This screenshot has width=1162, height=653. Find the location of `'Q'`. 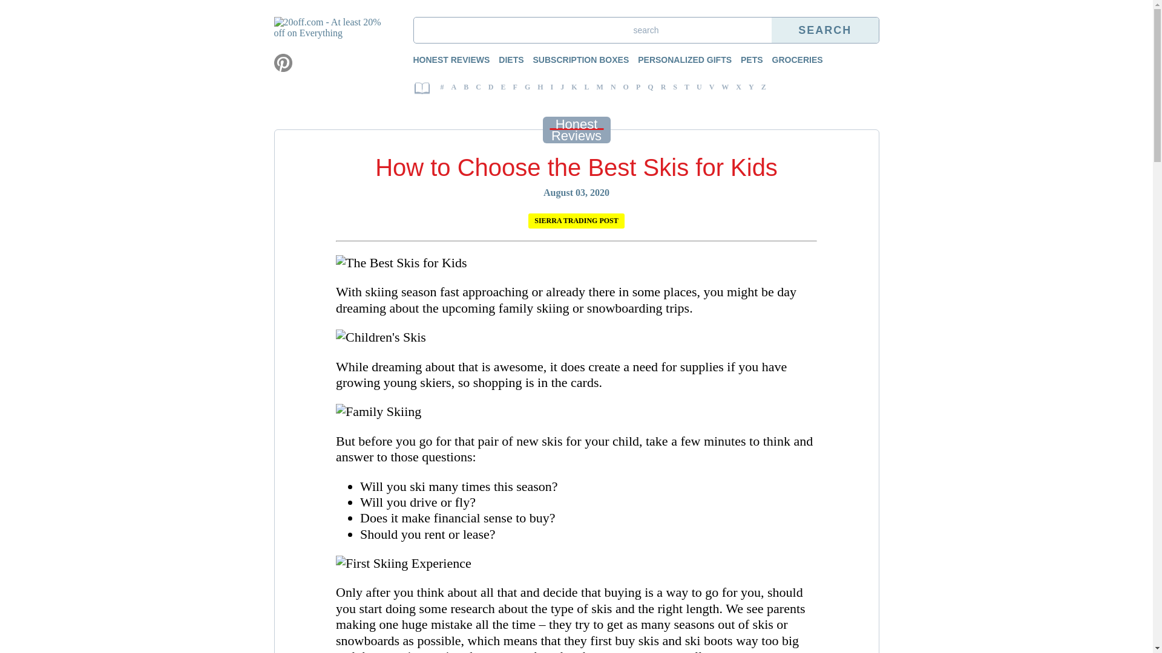

'Q' is located at coordinates (649, 86).